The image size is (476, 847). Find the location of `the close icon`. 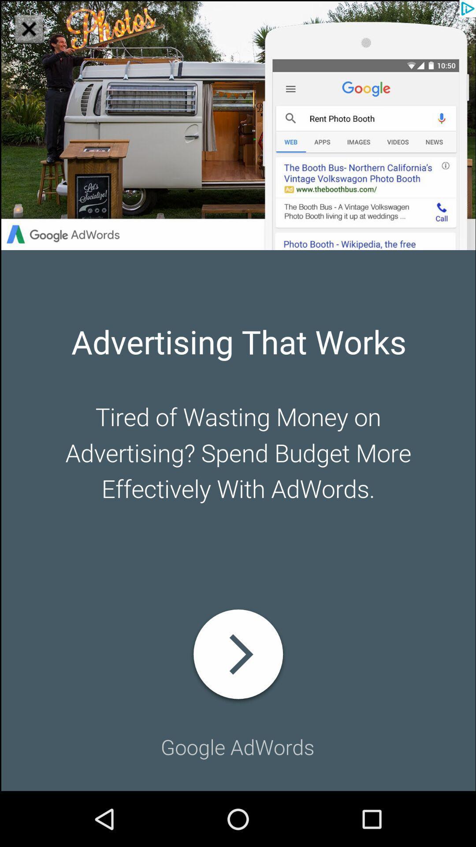

the close icon is located at coordinates (28, 31).